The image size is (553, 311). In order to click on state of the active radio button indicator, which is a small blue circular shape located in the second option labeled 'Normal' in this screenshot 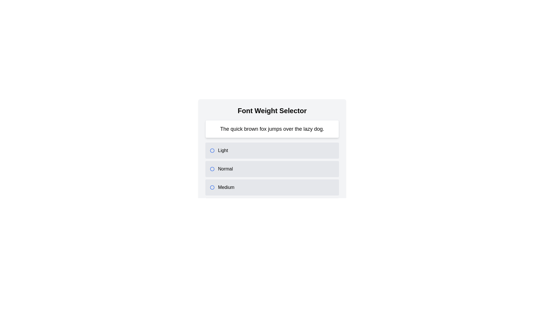, I will do `click(212, 168)`.